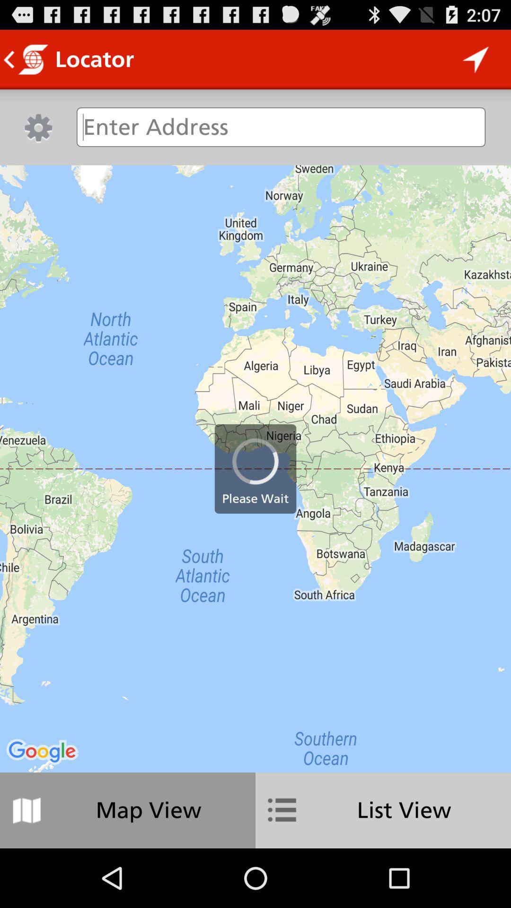 The width and height of the screenshot is (511, 908). Describe the element at coordinates (383, 810) in the screenshot. I see `item next to the map view` at that location.